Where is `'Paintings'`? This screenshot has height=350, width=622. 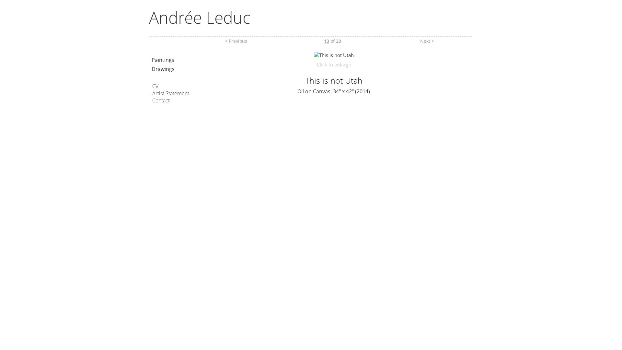
'Paintings' is located at coordinates (151, 60).